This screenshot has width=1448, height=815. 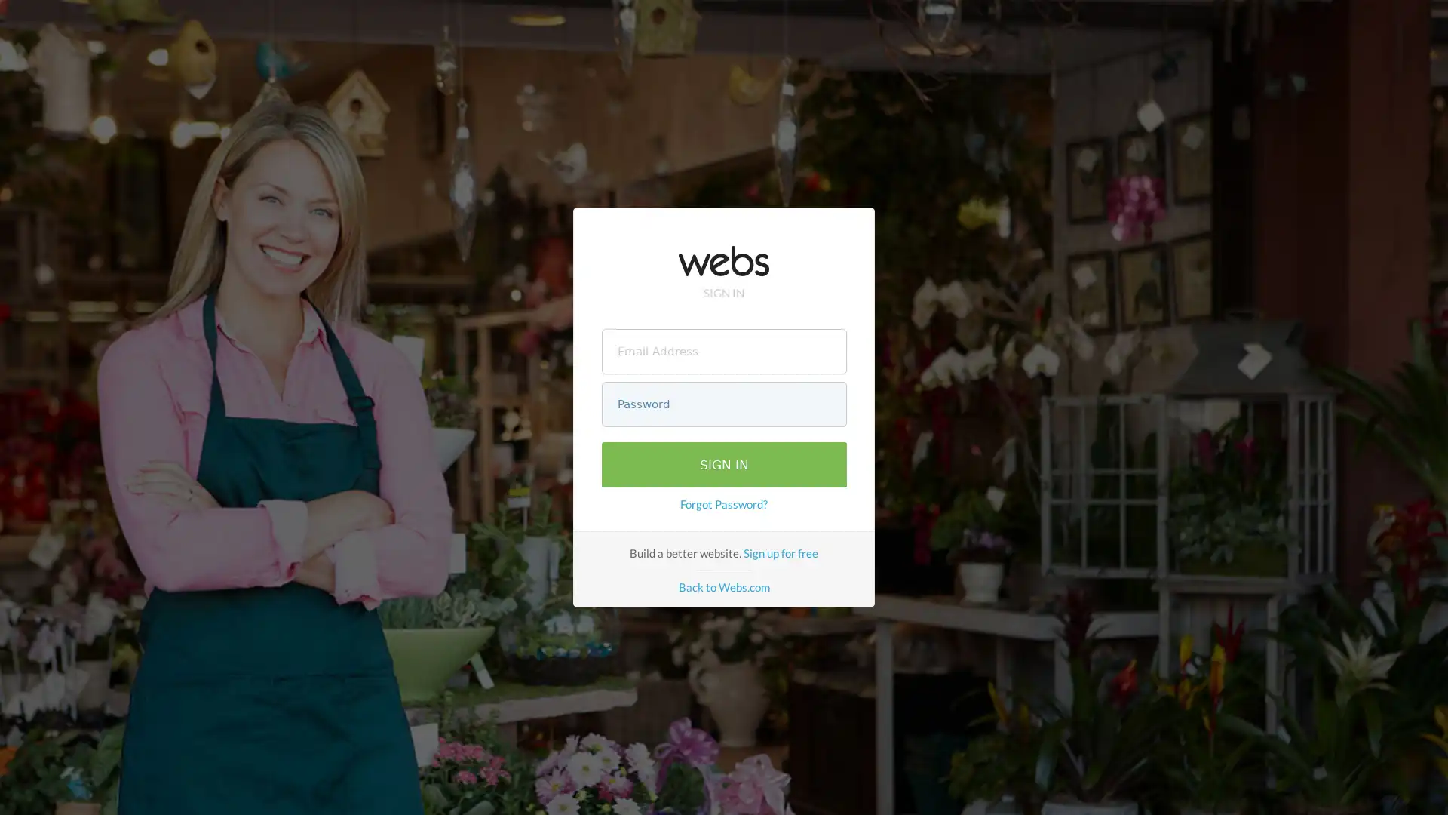 I want to click on SIGN IN, so click(x=722, y=464).